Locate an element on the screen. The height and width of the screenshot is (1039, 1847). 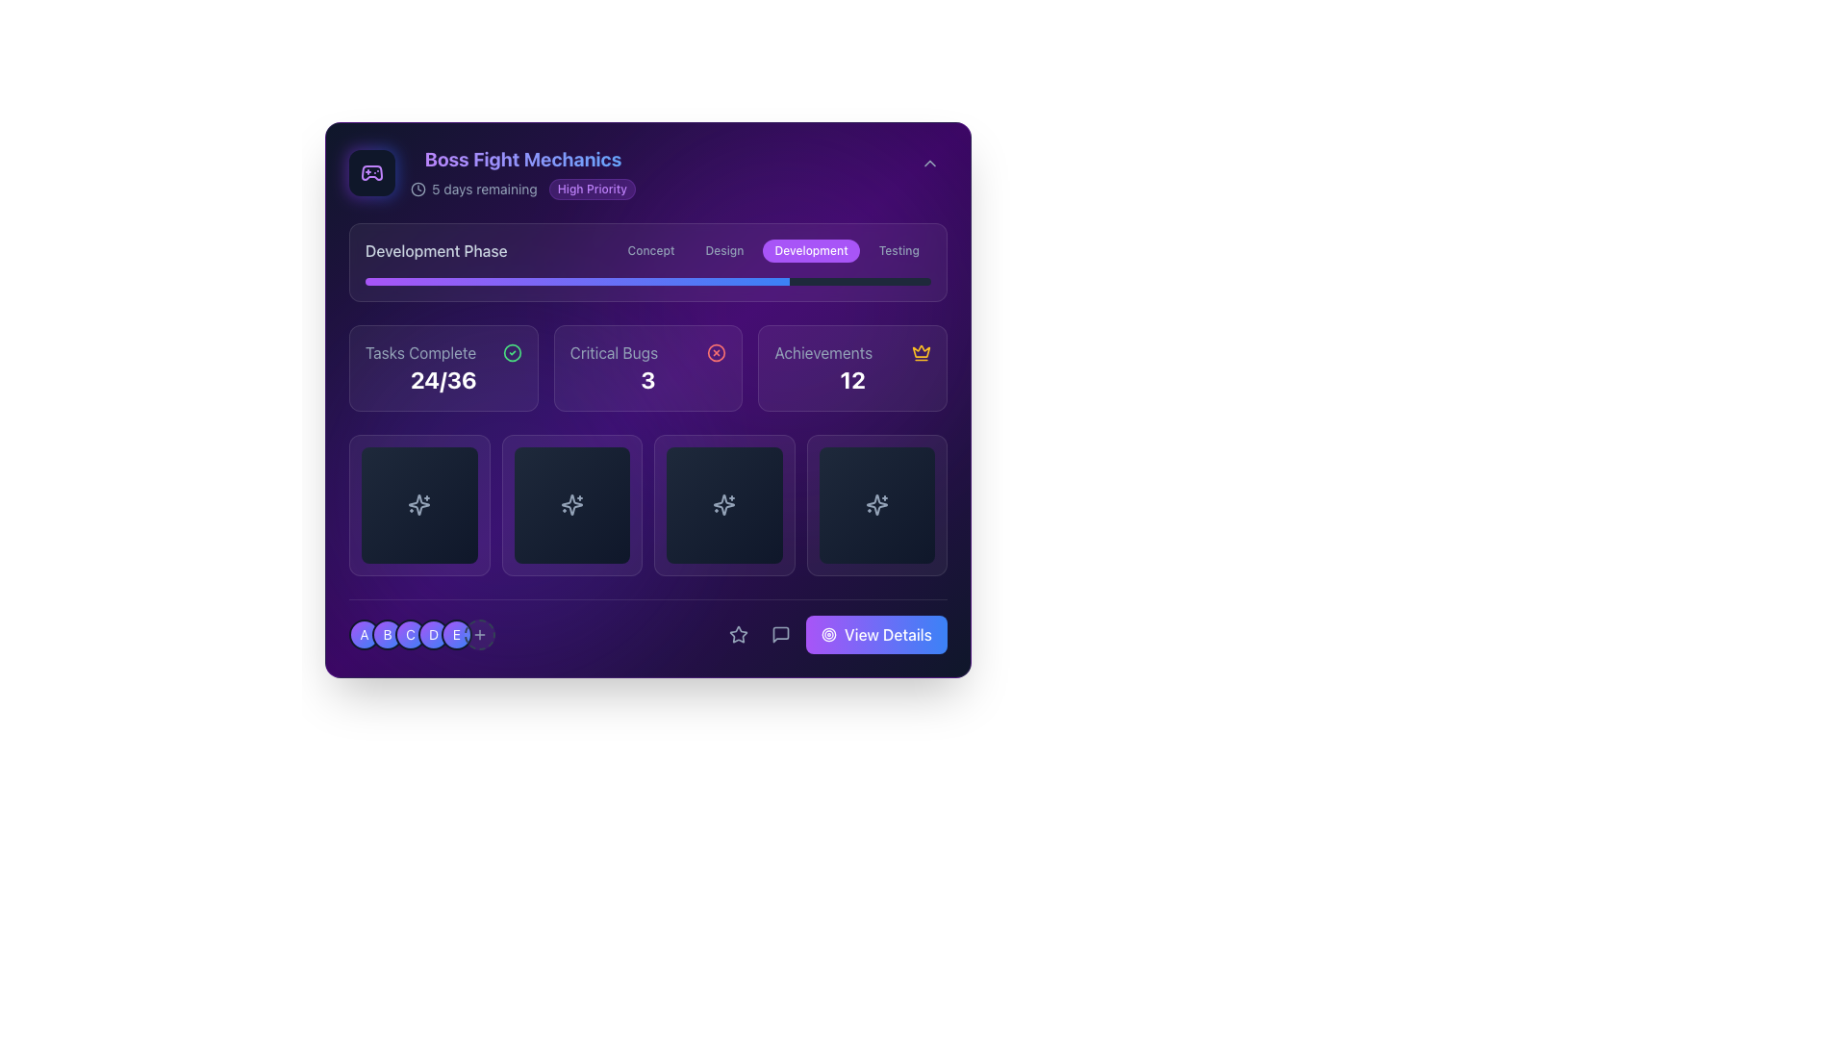
the second button in a group of five gradient-colored buttons located at the bottom of the card-like interface is located at coordinates (387, 634).